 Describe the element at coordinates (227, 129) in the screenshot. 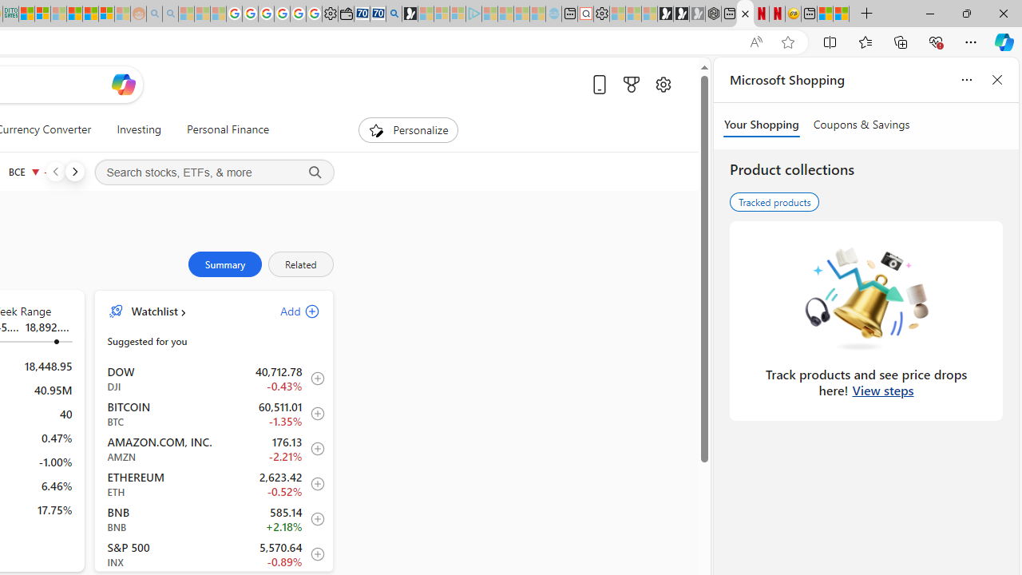

I see `'Personal Finance'` at that location.